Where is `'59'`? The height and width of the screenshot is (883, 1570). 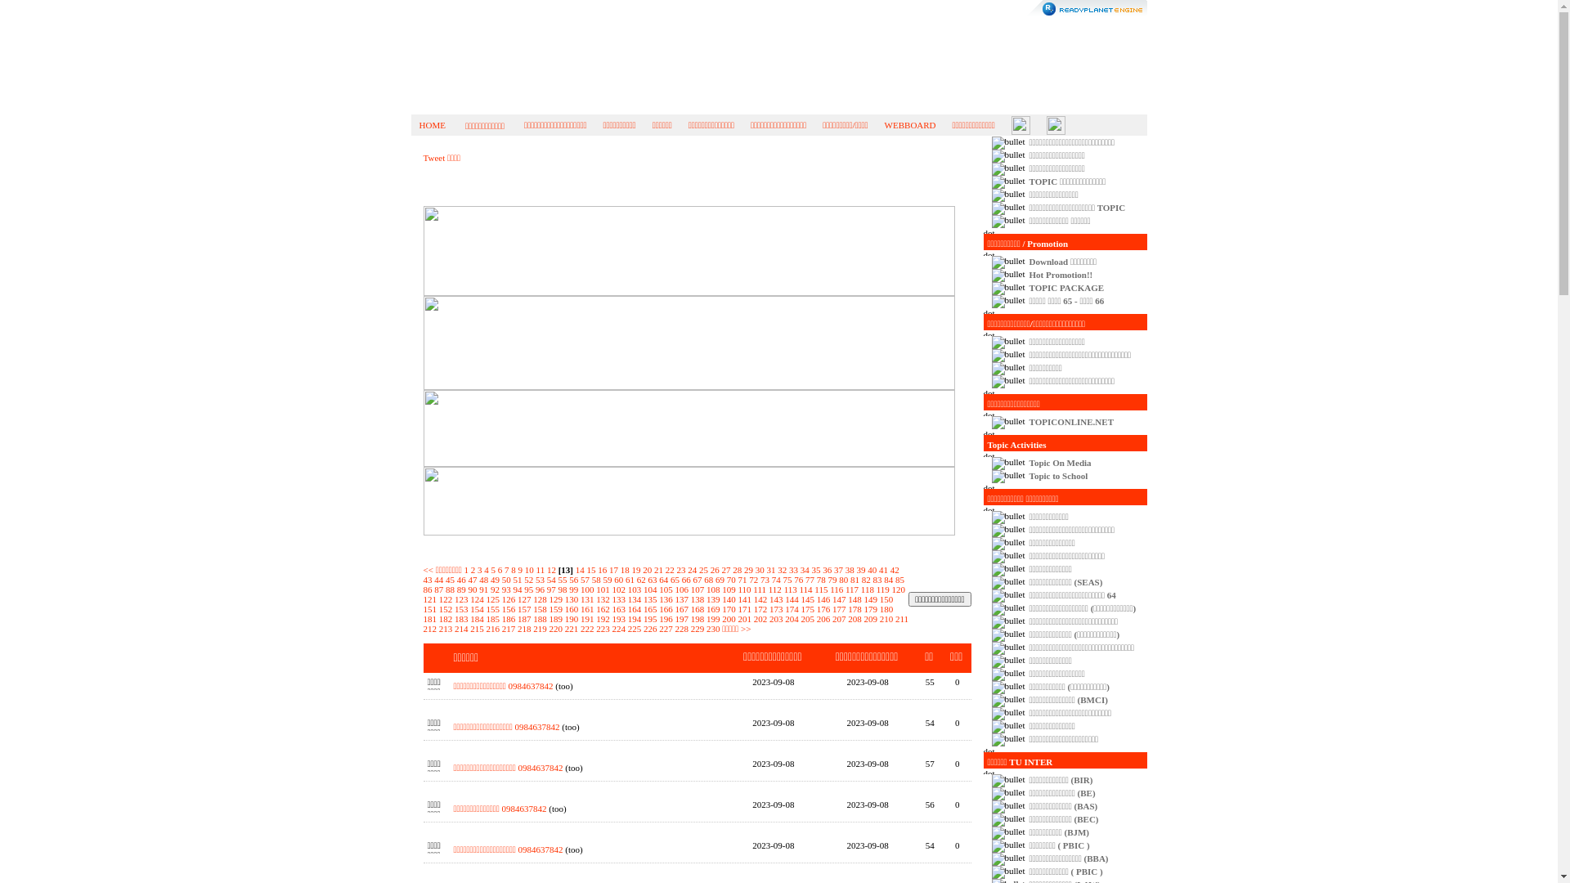 '59' is located at coordinates (607, 579).